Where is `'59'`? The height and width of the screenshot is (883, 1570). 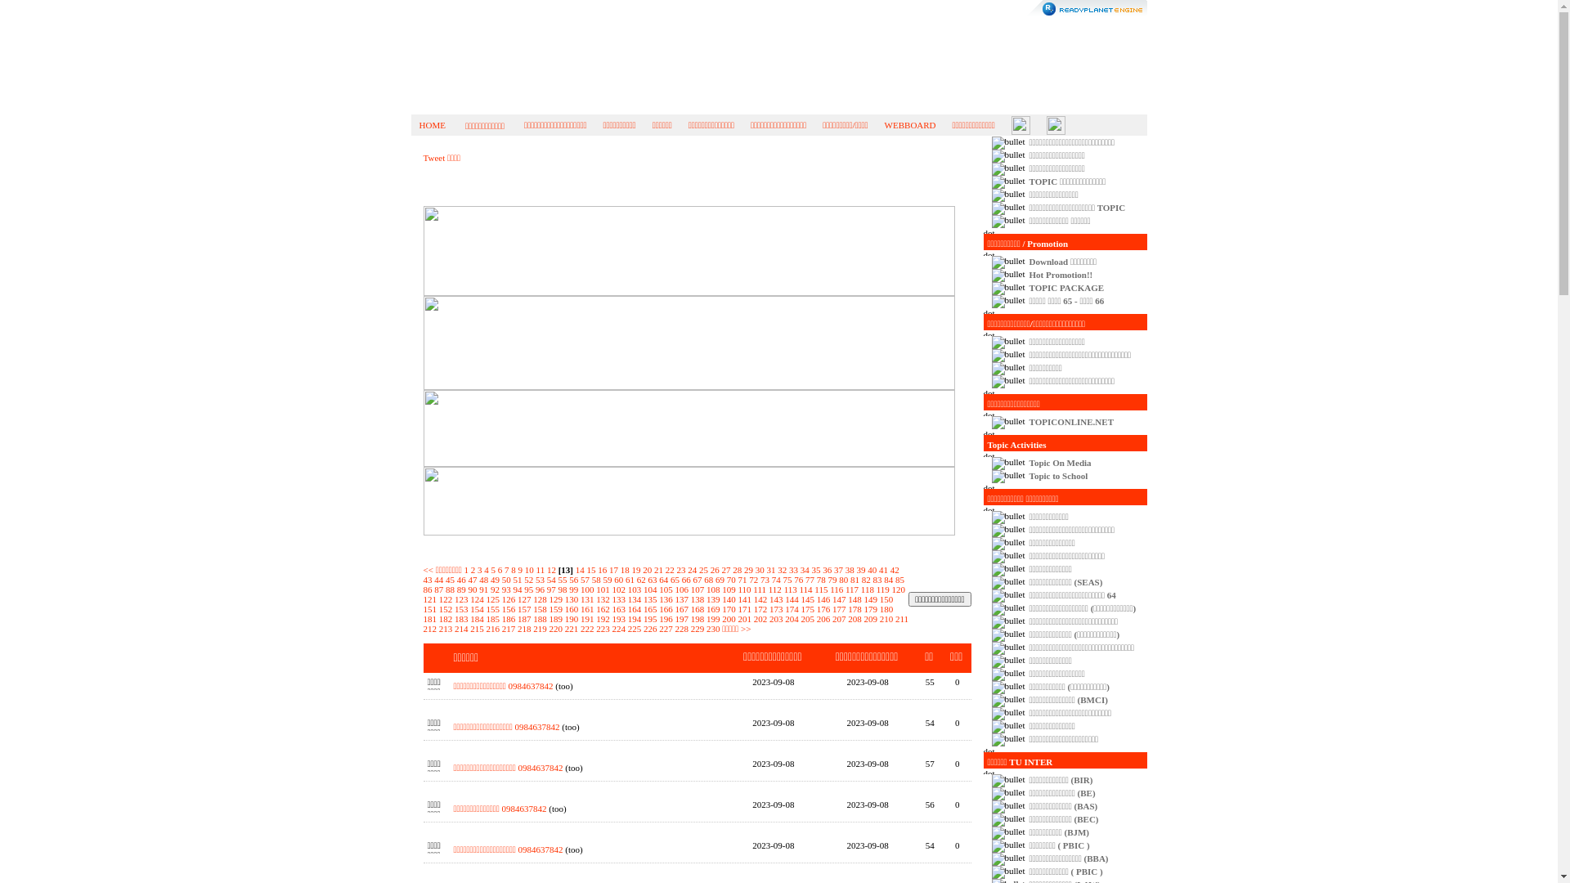 '59' is located at coordinates (607, 579).